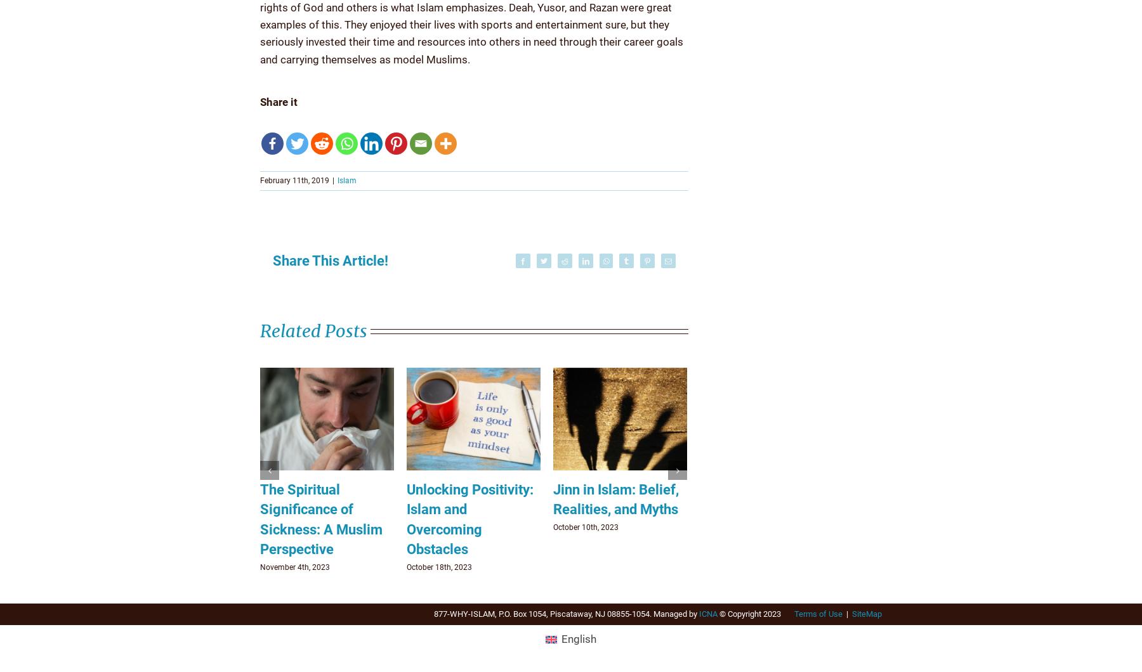 This screenshot has width=1142, height=672. What do you see at coordinates (260, 329) in the screenshot?
I see `'Related Posts'` at bounding box center [260, 329].